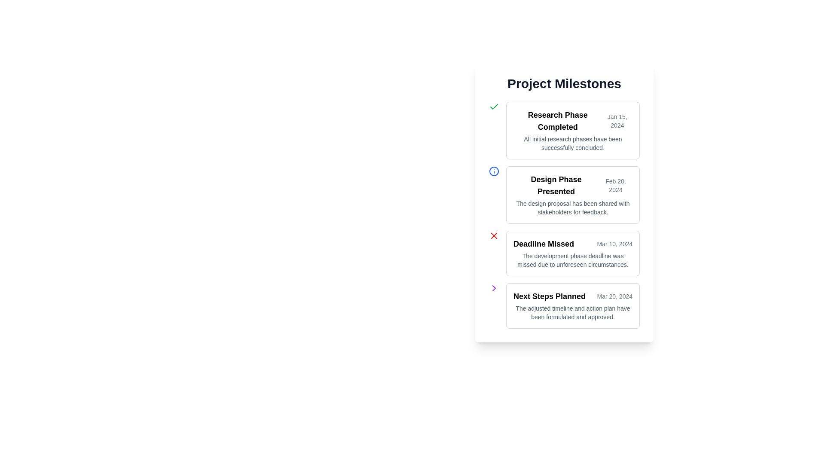 The width and height of the screenshot is (825, 464). I want to click on the compound text component that displays 'Next Steps Planned' and the date 'Mar 20, 2024', so click(573, 296).